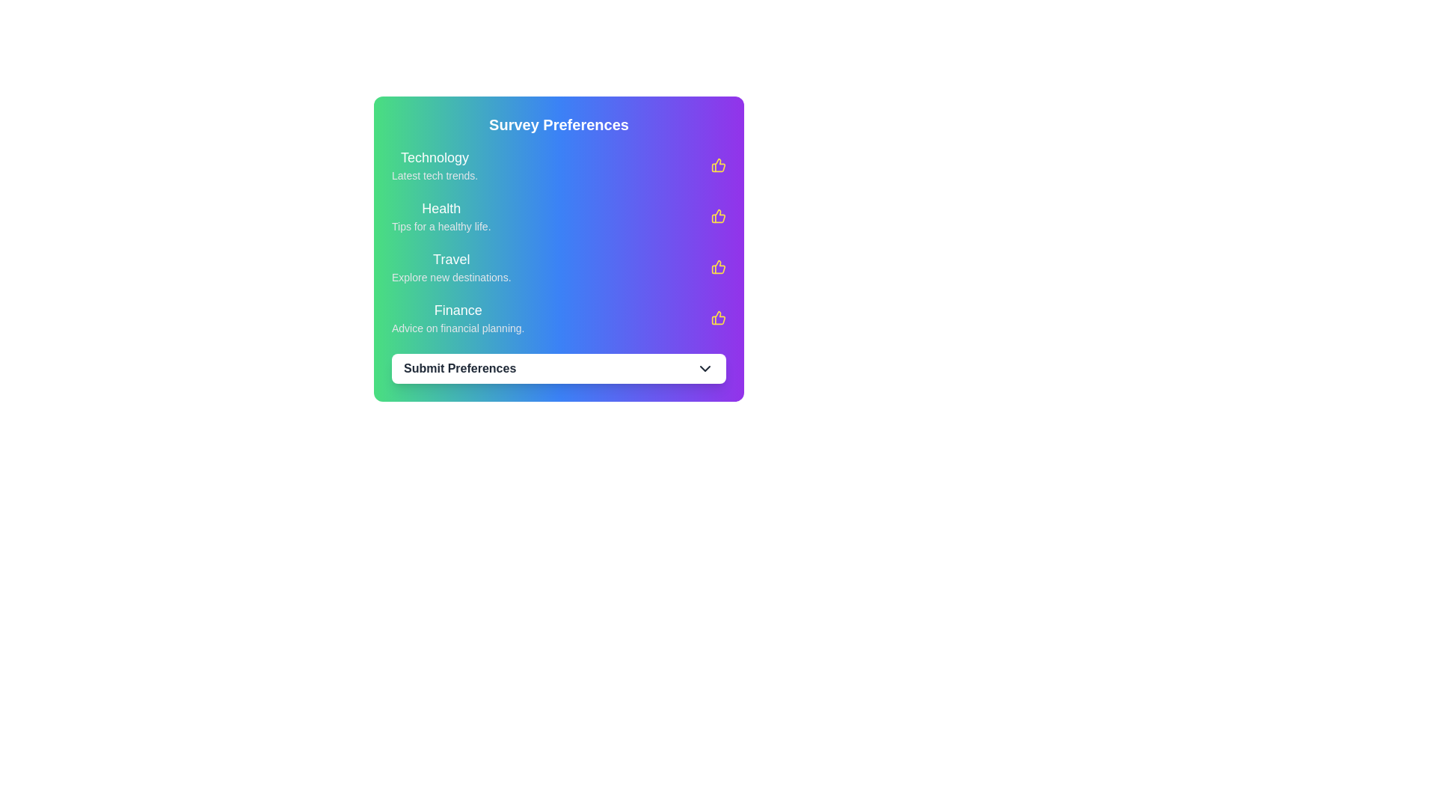  What do you see at coordinates (434, 175) in the screenshot?
I see `the text label providing additional descriptive information about the 'Technology' category in the 'Survey Preferences' panel, which is positioned as the second line following the 'Technology' heading` at bounding box center [434, 175].